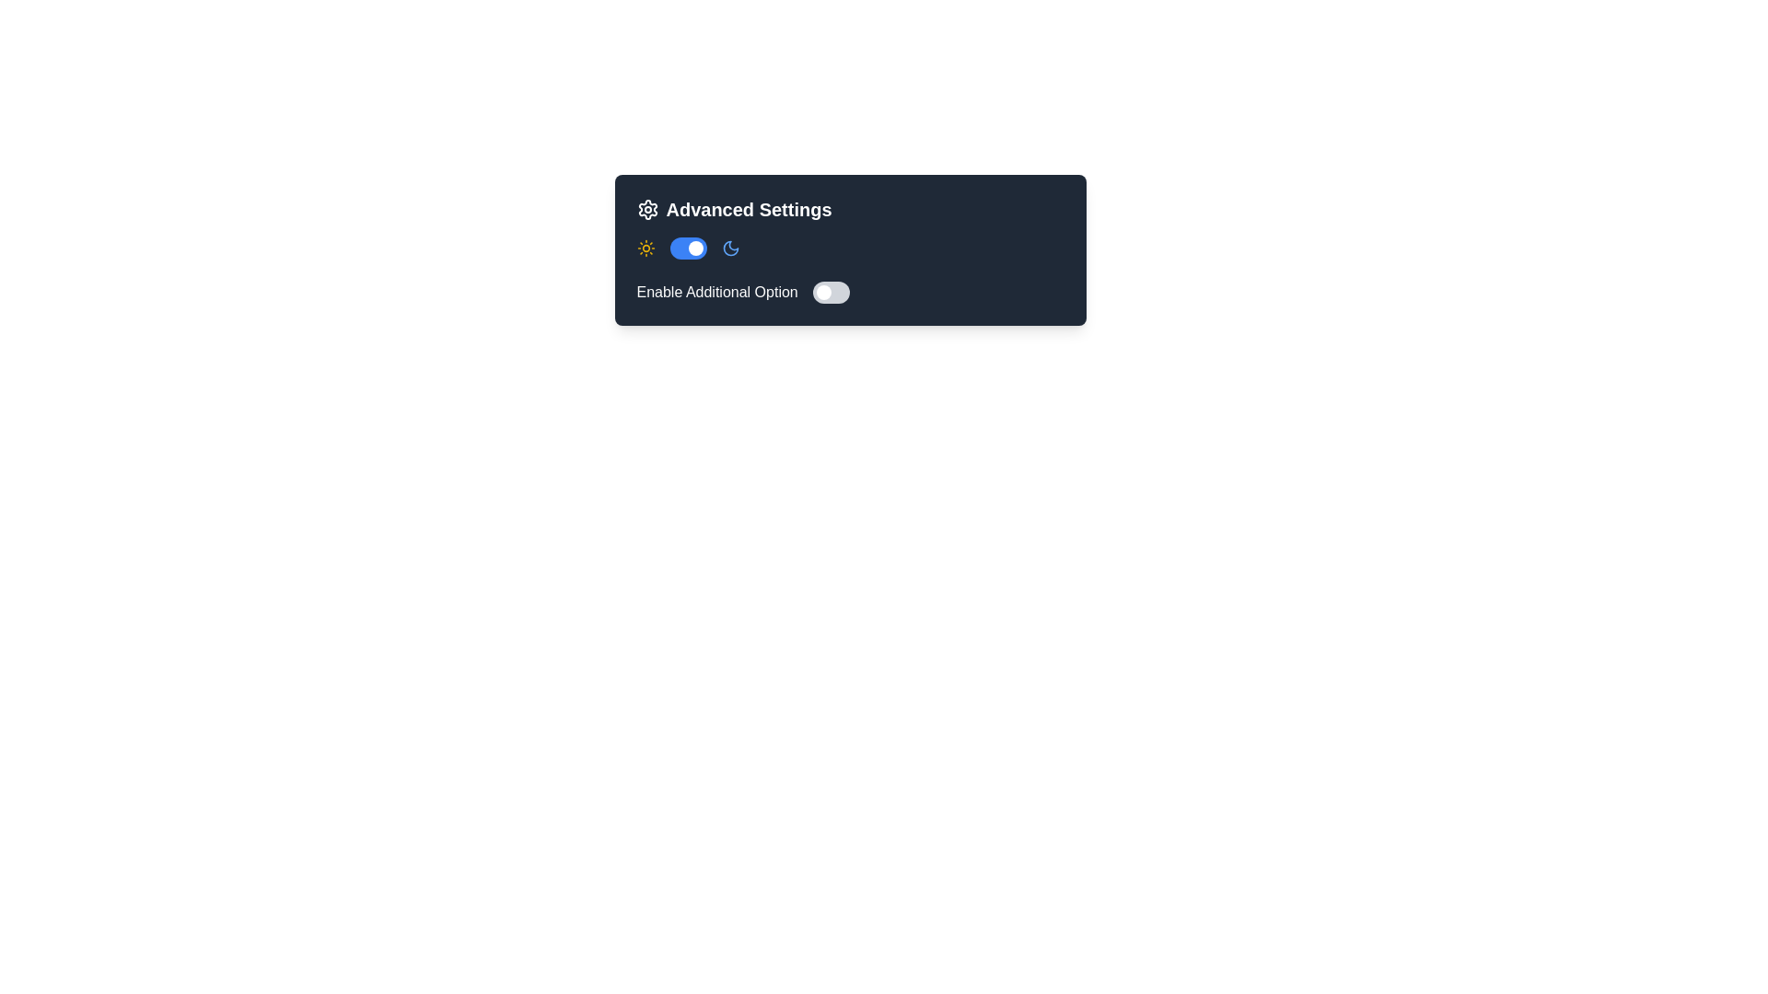 The width and height of the screenshot is (1768, 994). Describe the element at coordinates (646, 248) in the screenshot. I see `the sun icon, which is a yellow line drawing with rays extending outward, located at the top of the settings panel as the first element in its group` at that location.